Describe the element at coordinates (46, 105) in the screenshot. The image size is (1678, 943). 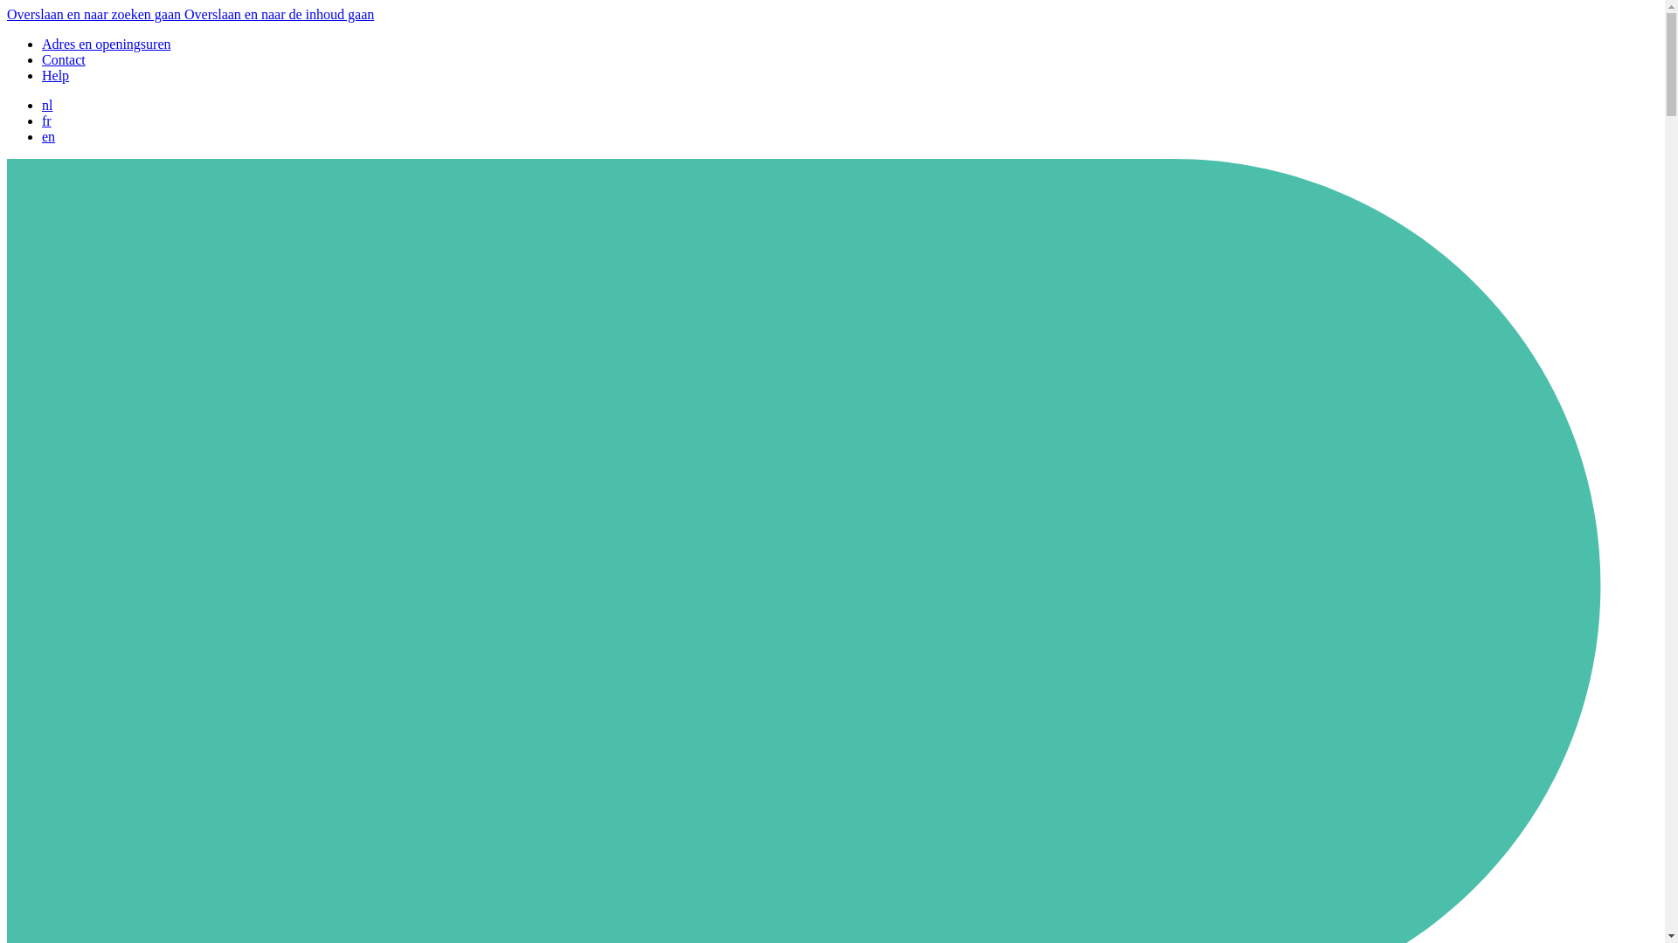
I see `'nl'` at that location.